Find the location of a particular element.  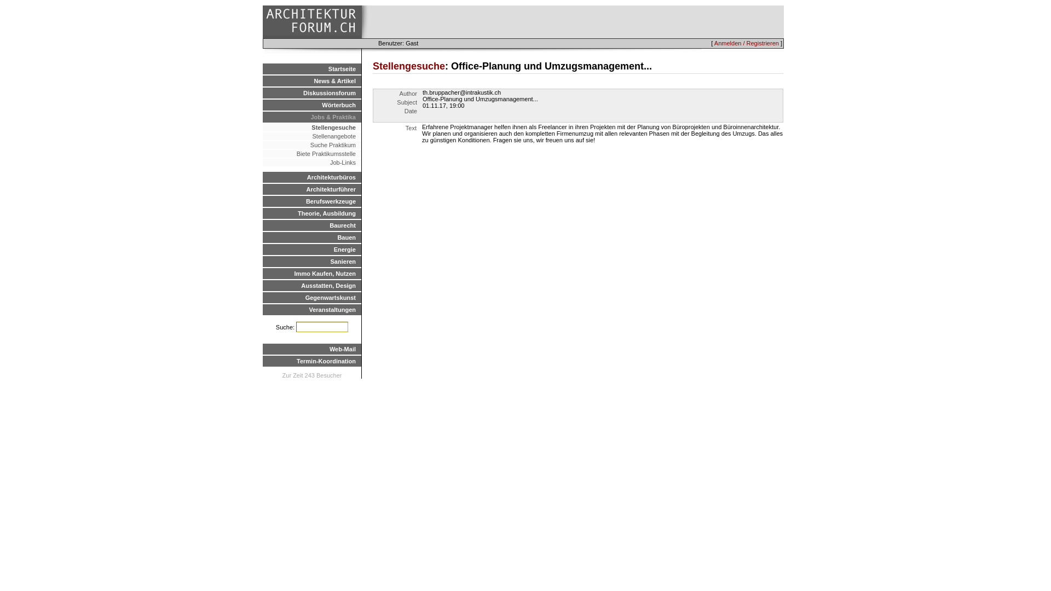

'Web-Mail' is located at coordinates (311, 349).